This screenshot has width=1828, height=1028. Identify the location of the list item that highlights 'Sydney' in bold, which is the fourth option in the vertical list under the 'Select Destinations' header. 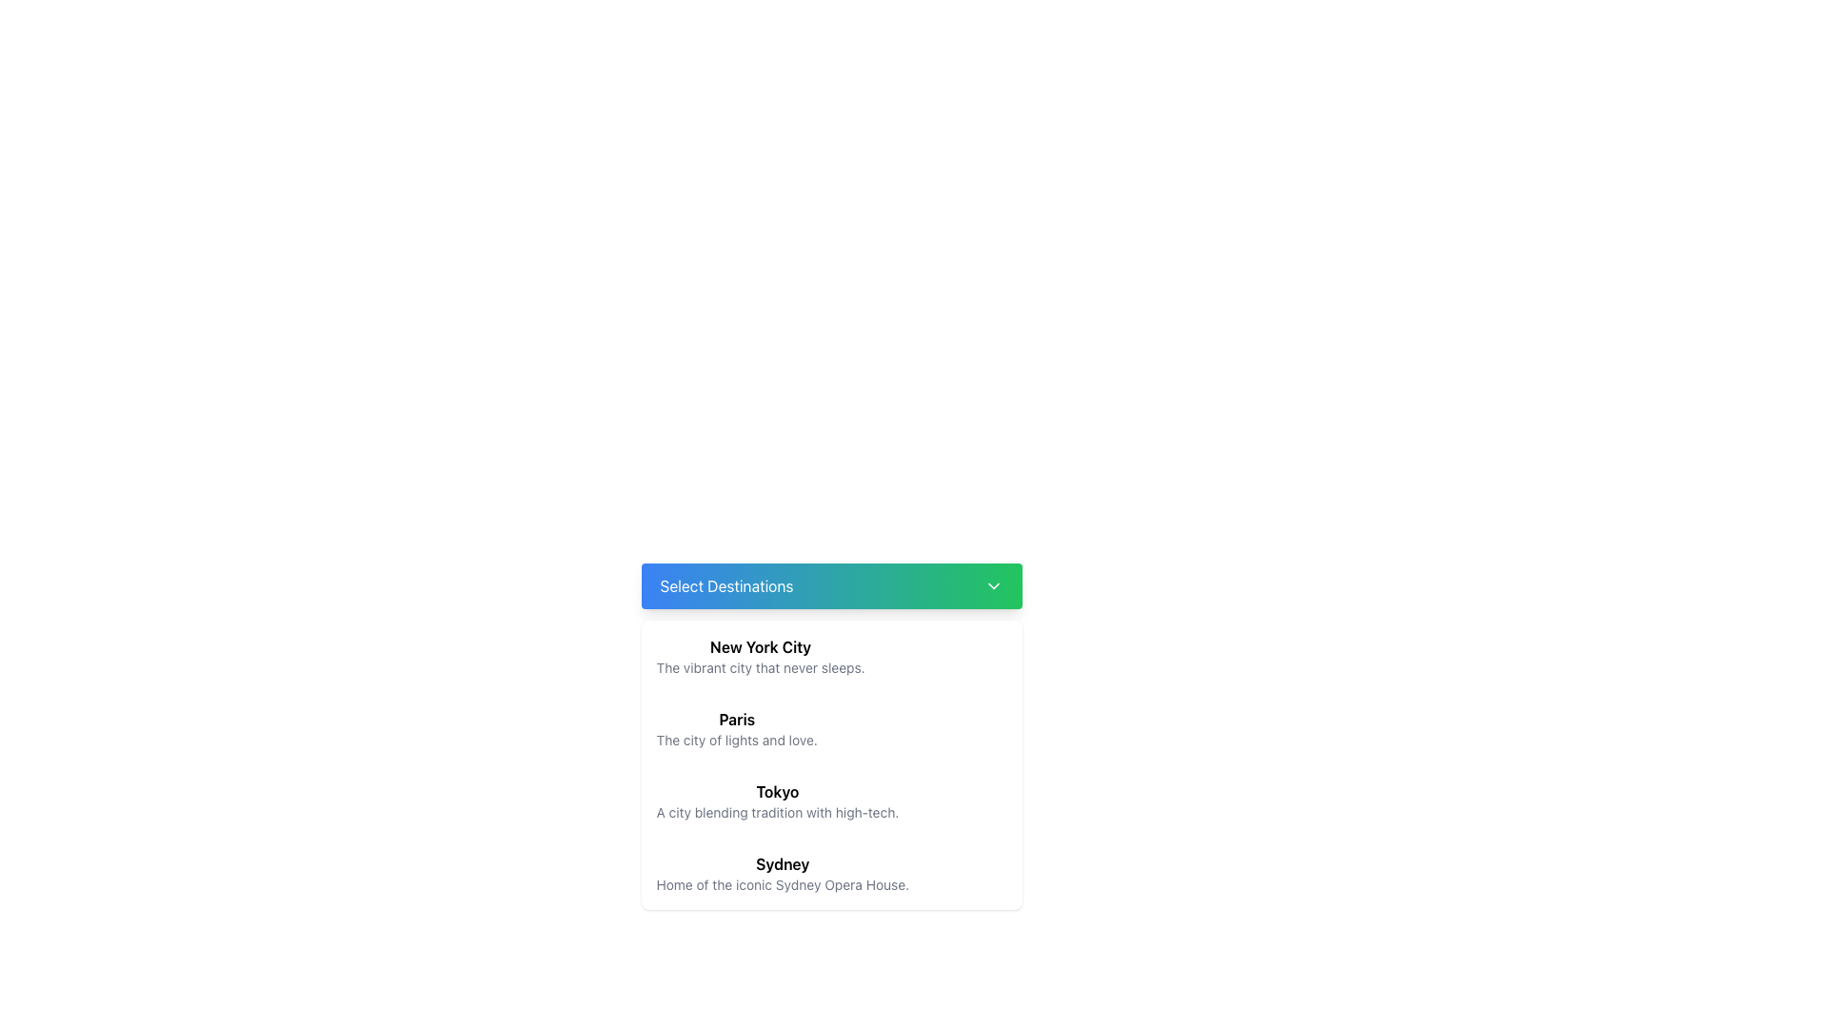
(831, 874).